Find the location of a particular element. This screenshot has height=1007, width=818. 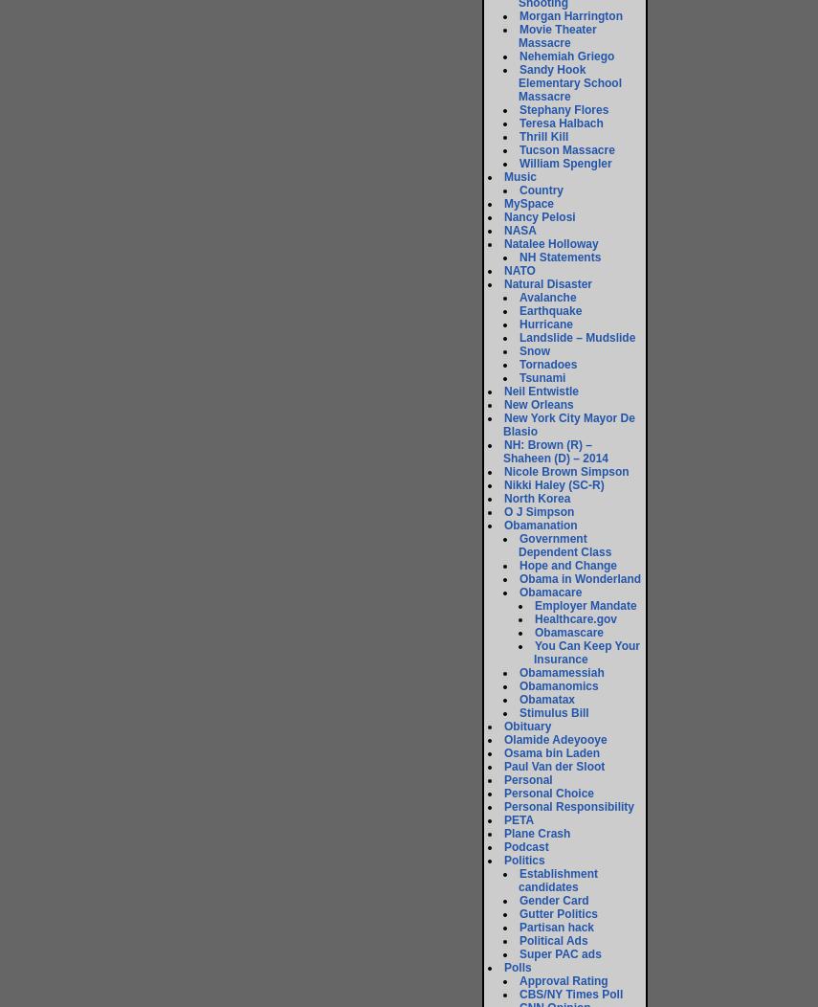

'Establishment candidates' is located at coordinates (557, 880).